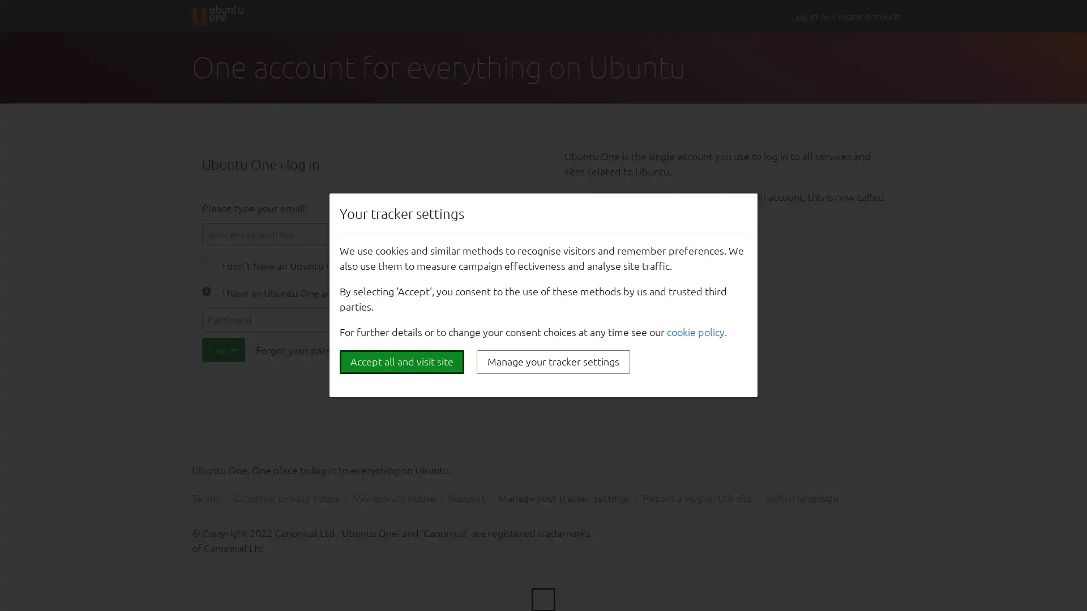  Describe the element at coordinates (402, 362) in the screenshot. I see `Accept all and visit site` at that location.